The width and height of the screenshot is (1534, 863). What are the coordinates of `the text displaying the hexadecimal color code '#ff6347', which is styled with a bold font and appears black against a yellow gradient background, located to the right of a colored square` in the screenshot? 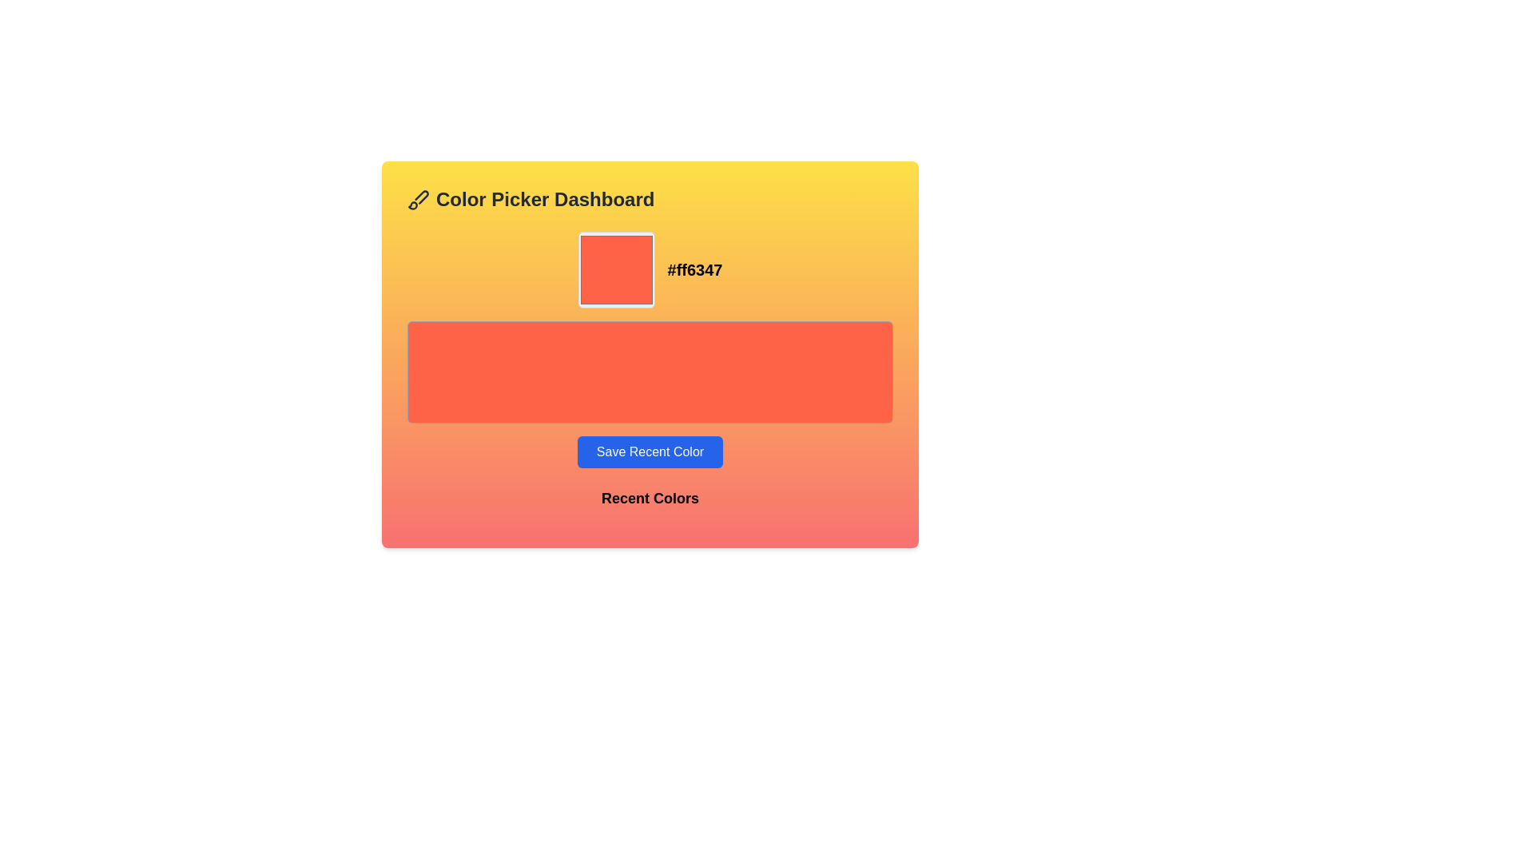 It's located at (694, 269).